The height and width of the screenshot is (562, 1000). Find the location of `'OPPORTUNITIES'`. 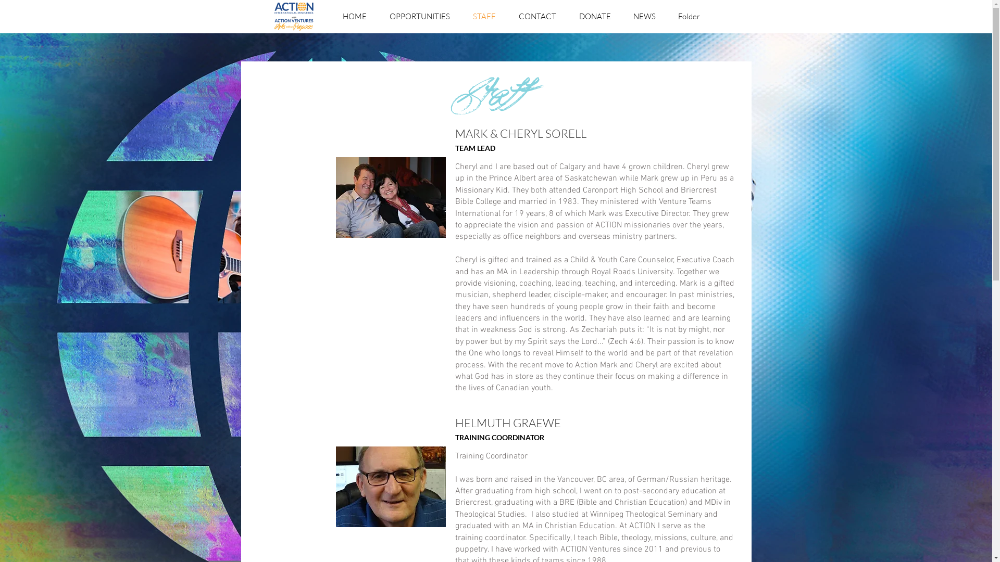

'OPPORTUNITIES' is located at coordinates (420, 16).